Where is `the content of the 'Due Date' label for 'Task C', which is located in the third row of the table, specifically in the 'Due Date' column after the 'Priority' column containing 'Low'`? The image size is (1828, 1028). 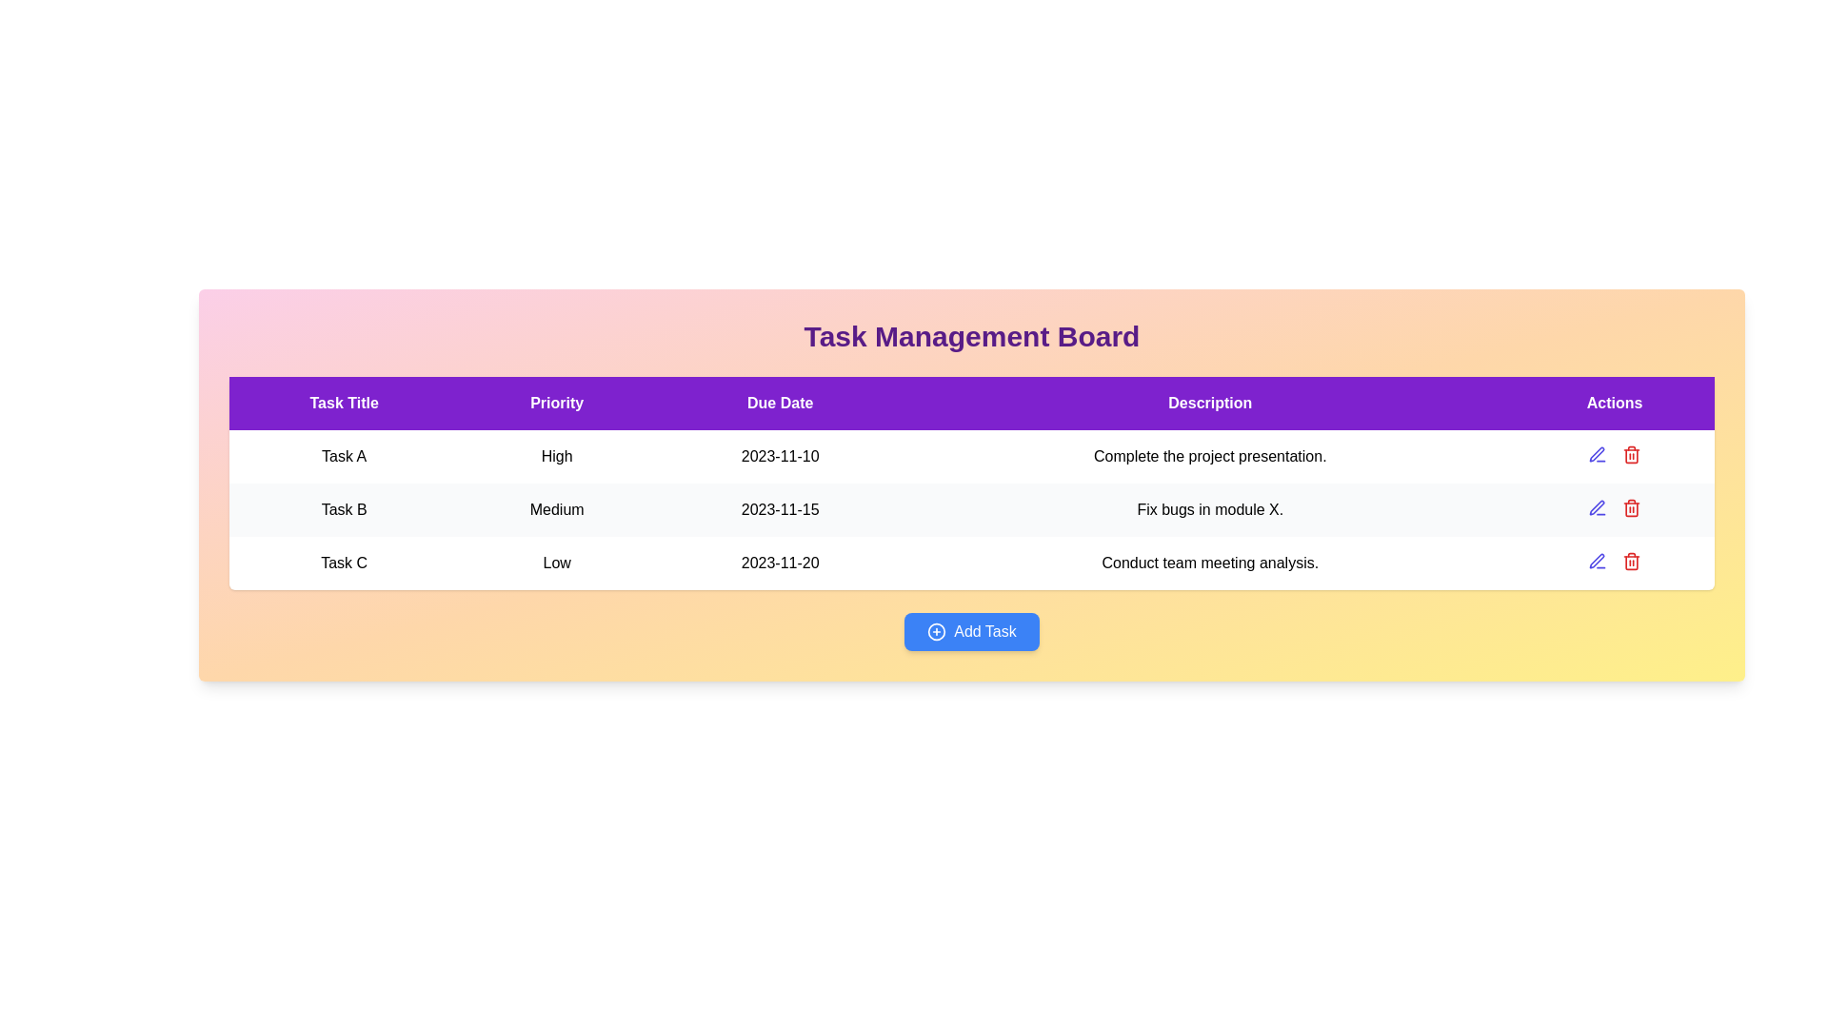 the content of the 'Due Date' label for 'Task C', which is located in the third row of the table, specifically in the 'Due Date' column after the 'Priority' column containing 'Low' is located at coordinates (780, 562).